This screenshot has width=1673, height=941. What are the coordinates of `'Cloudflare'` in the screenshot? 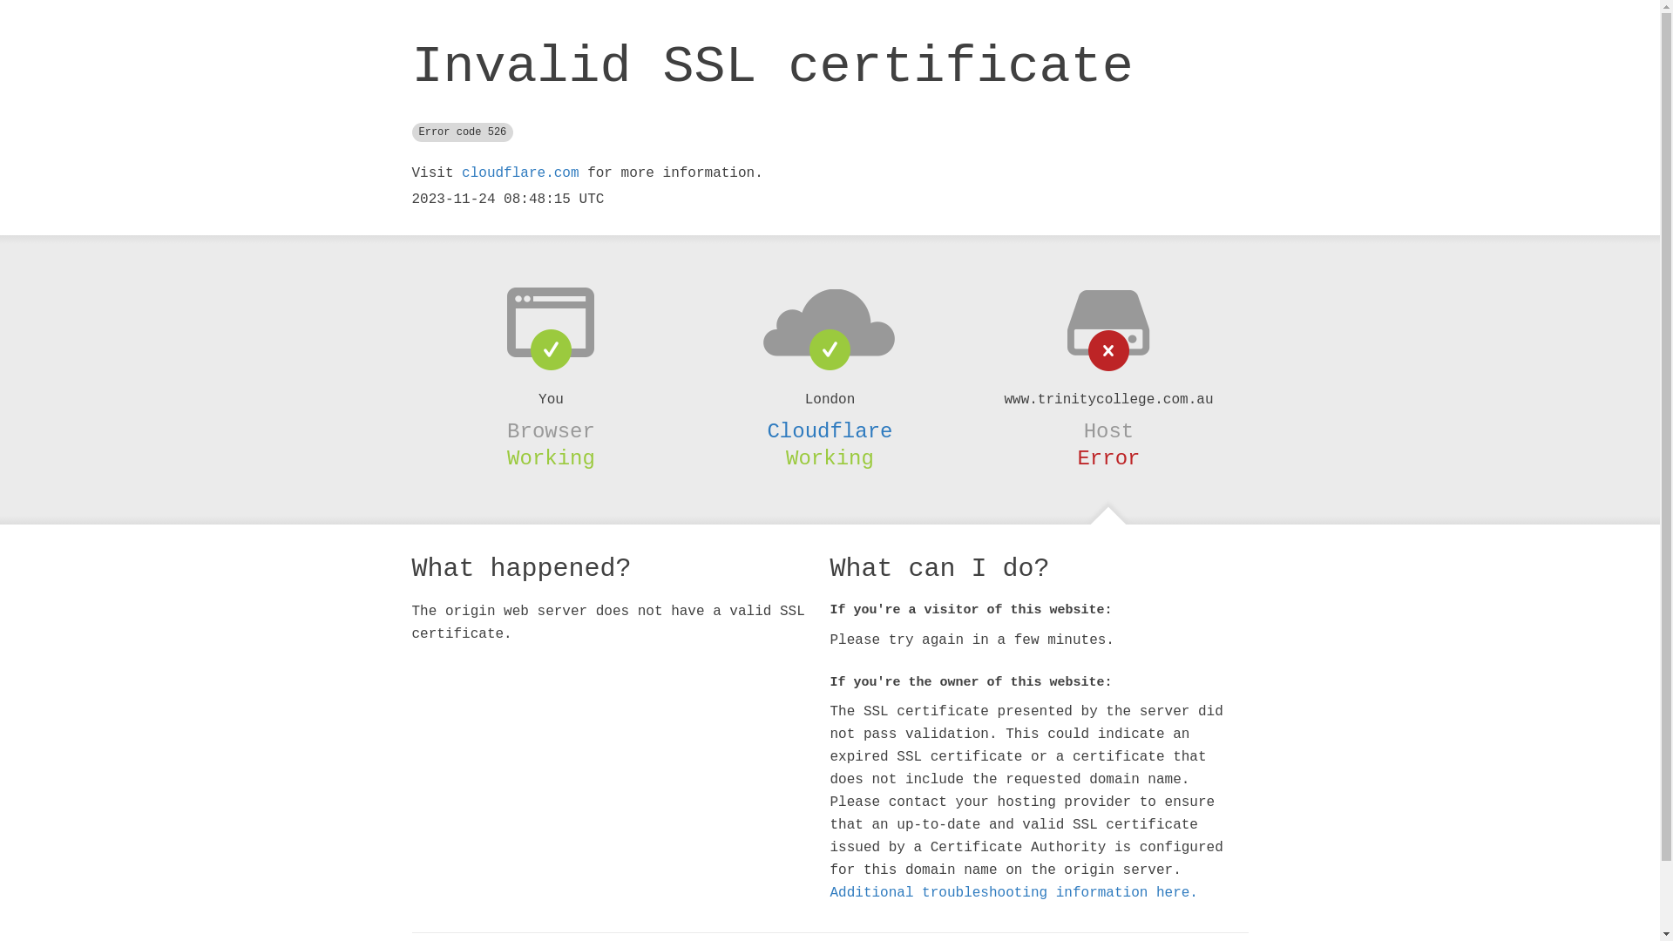 It's located at (828, 431).